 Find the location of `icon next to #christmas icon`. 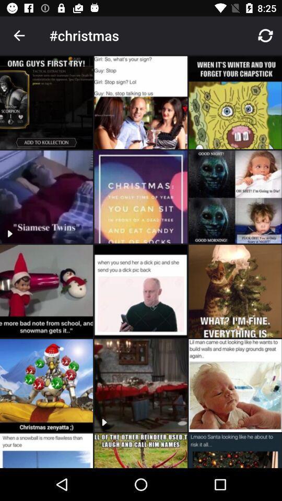

icon next to #christmas icon is located at coordinates (19, 35).